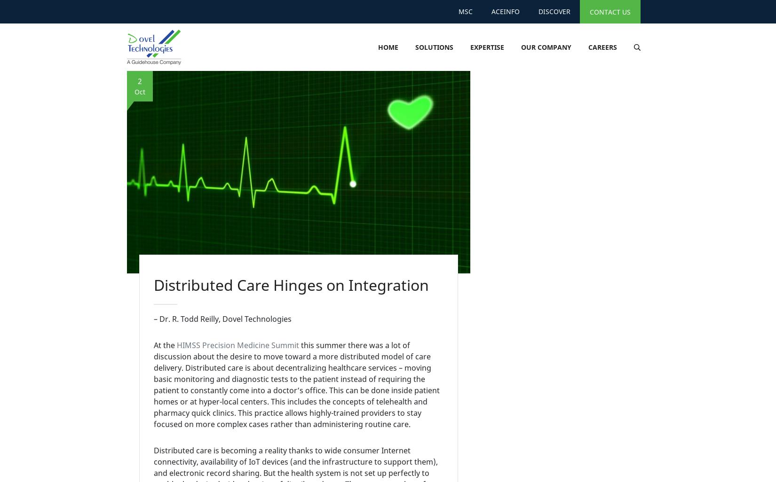 The height and width of the screenshot is (482, 776). I want to click on 'Careers', so click(602, 47).